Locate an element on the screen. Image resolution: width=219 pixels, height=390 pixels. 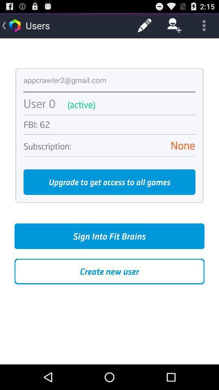
item below the user 0 app is located at coordinates (109, 115).